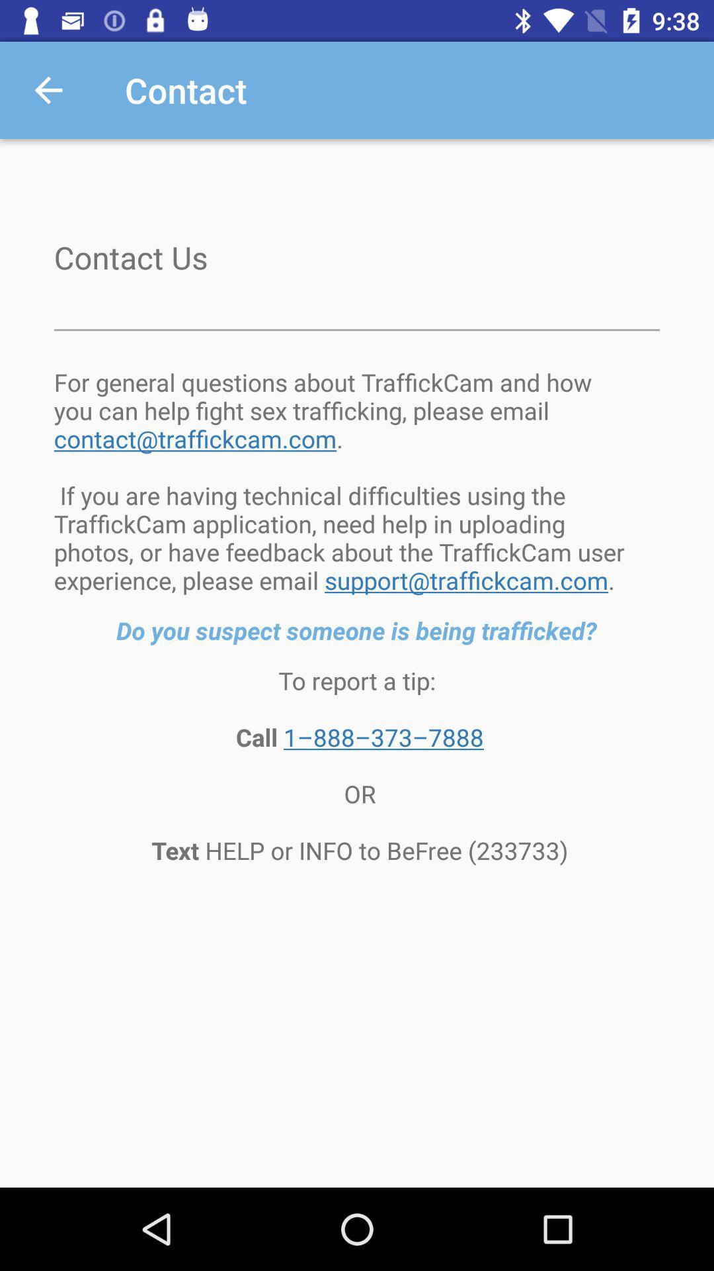 This screenshot has height=1271, width=714. What do you see at coordinates (357, 481) in the screenshot?
I see `the for general questions item` at bounding box center [357, 481].